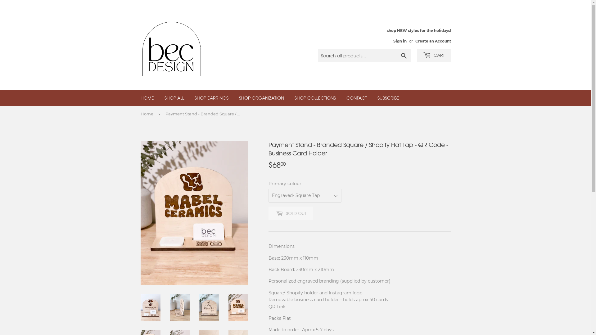 The height and width of the screenshot is (335, 596). I want to click on 'shop NEW styles for the holidays!', so click(419, 35).